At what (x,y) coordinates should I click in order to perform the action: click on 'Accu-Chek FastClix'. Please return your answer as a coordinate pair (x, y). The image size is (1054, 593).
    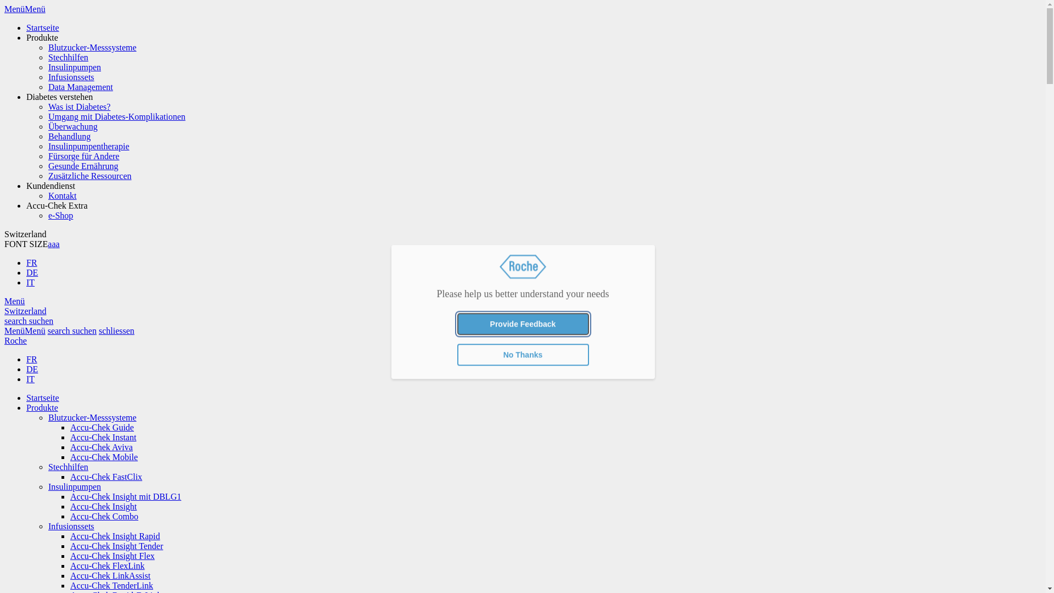
    Looking at the image, I should click on (70, 476).